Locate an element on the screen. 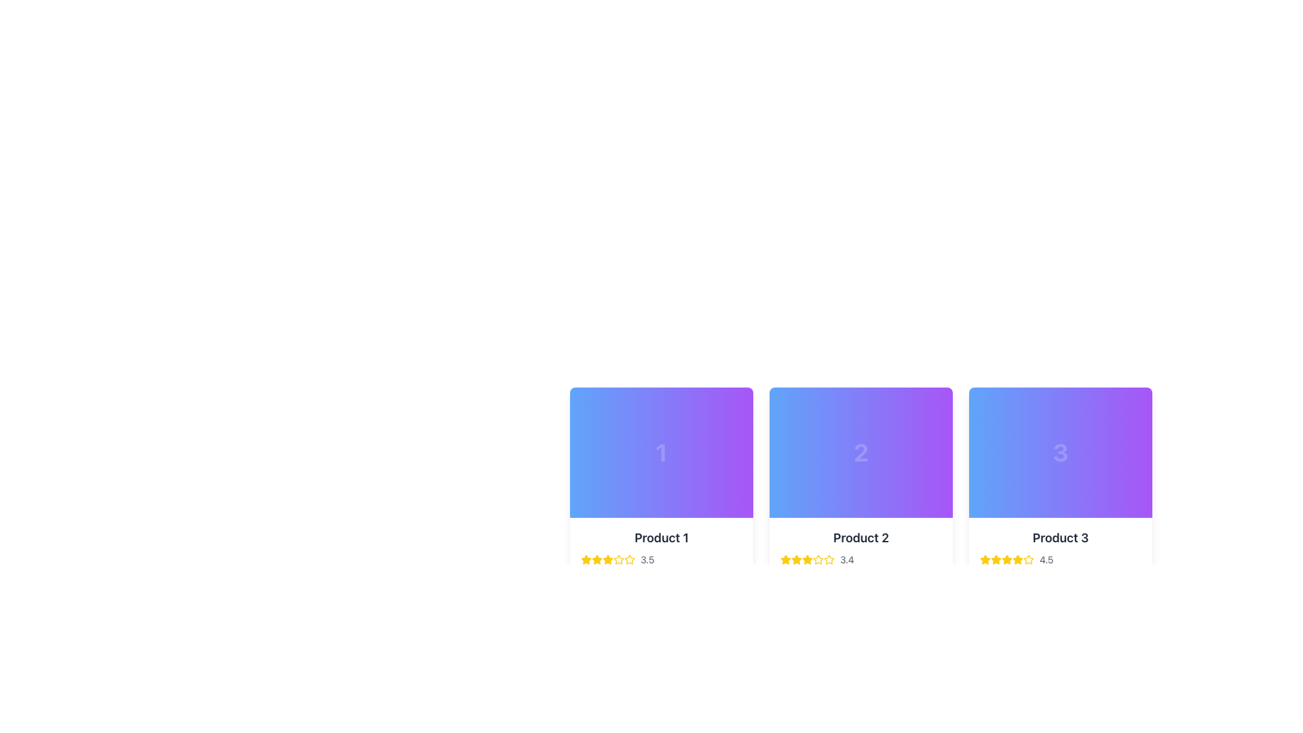  the text label that serves as the title of the product, positioned centrally within the bottom section of the third card in the product grid is located at coordinates (1060, 538).